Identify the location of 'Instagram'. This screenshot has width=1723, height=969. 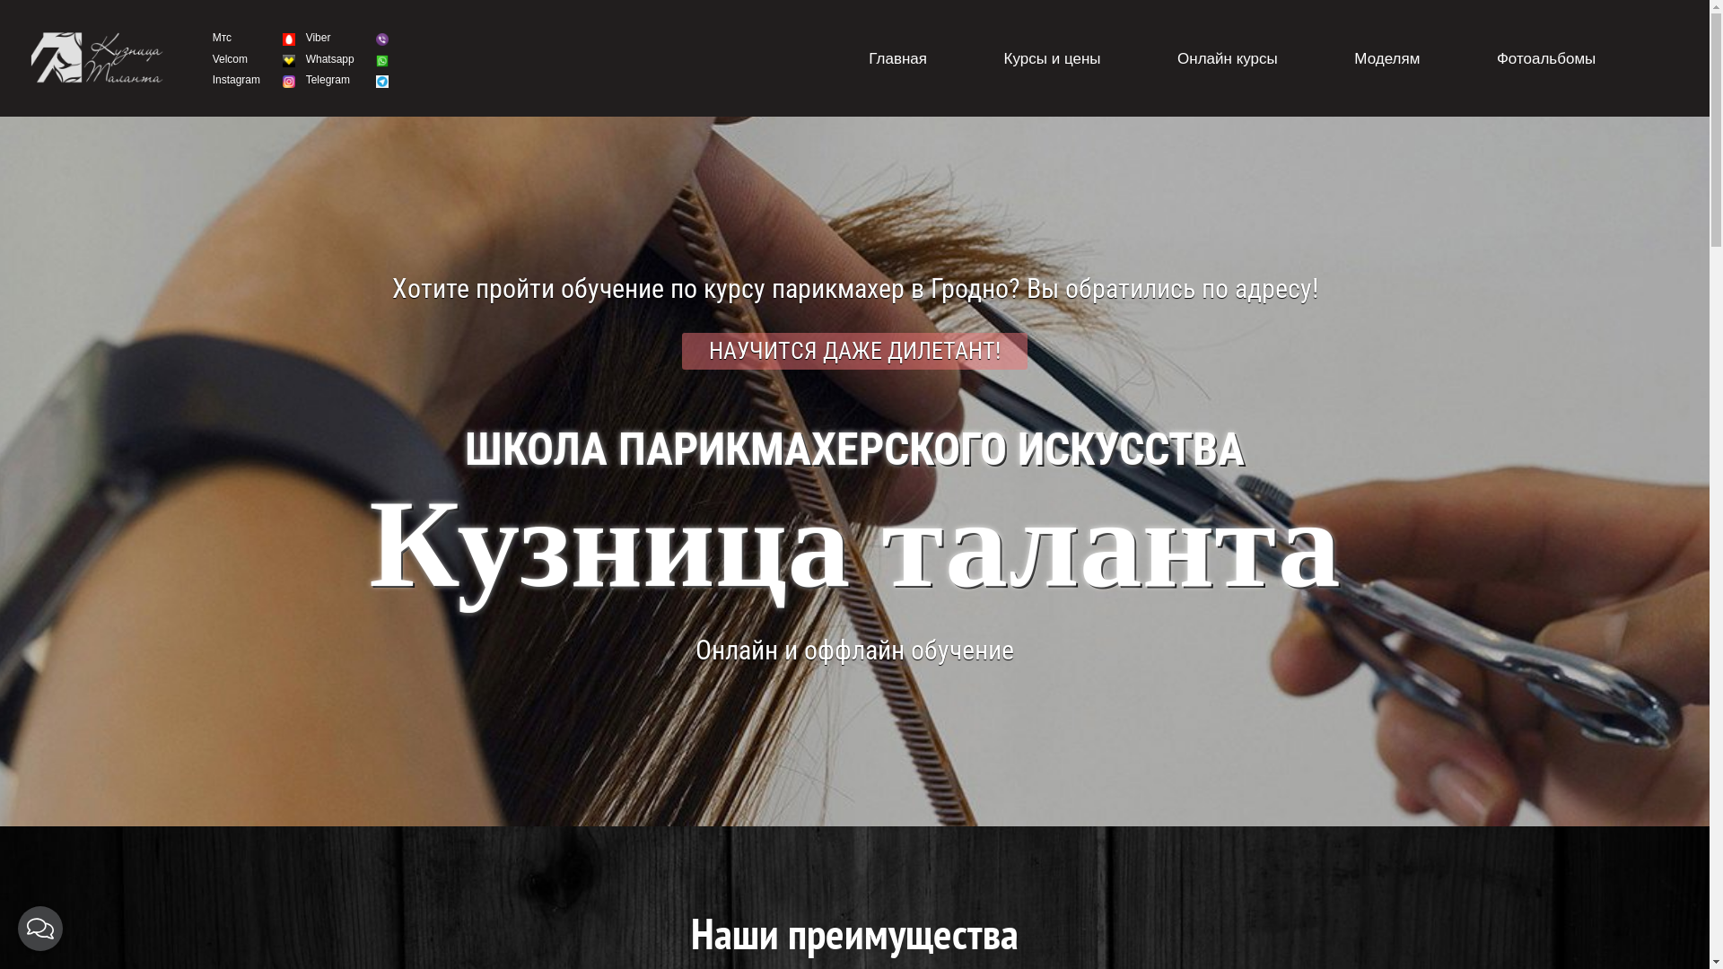
(235, 78).